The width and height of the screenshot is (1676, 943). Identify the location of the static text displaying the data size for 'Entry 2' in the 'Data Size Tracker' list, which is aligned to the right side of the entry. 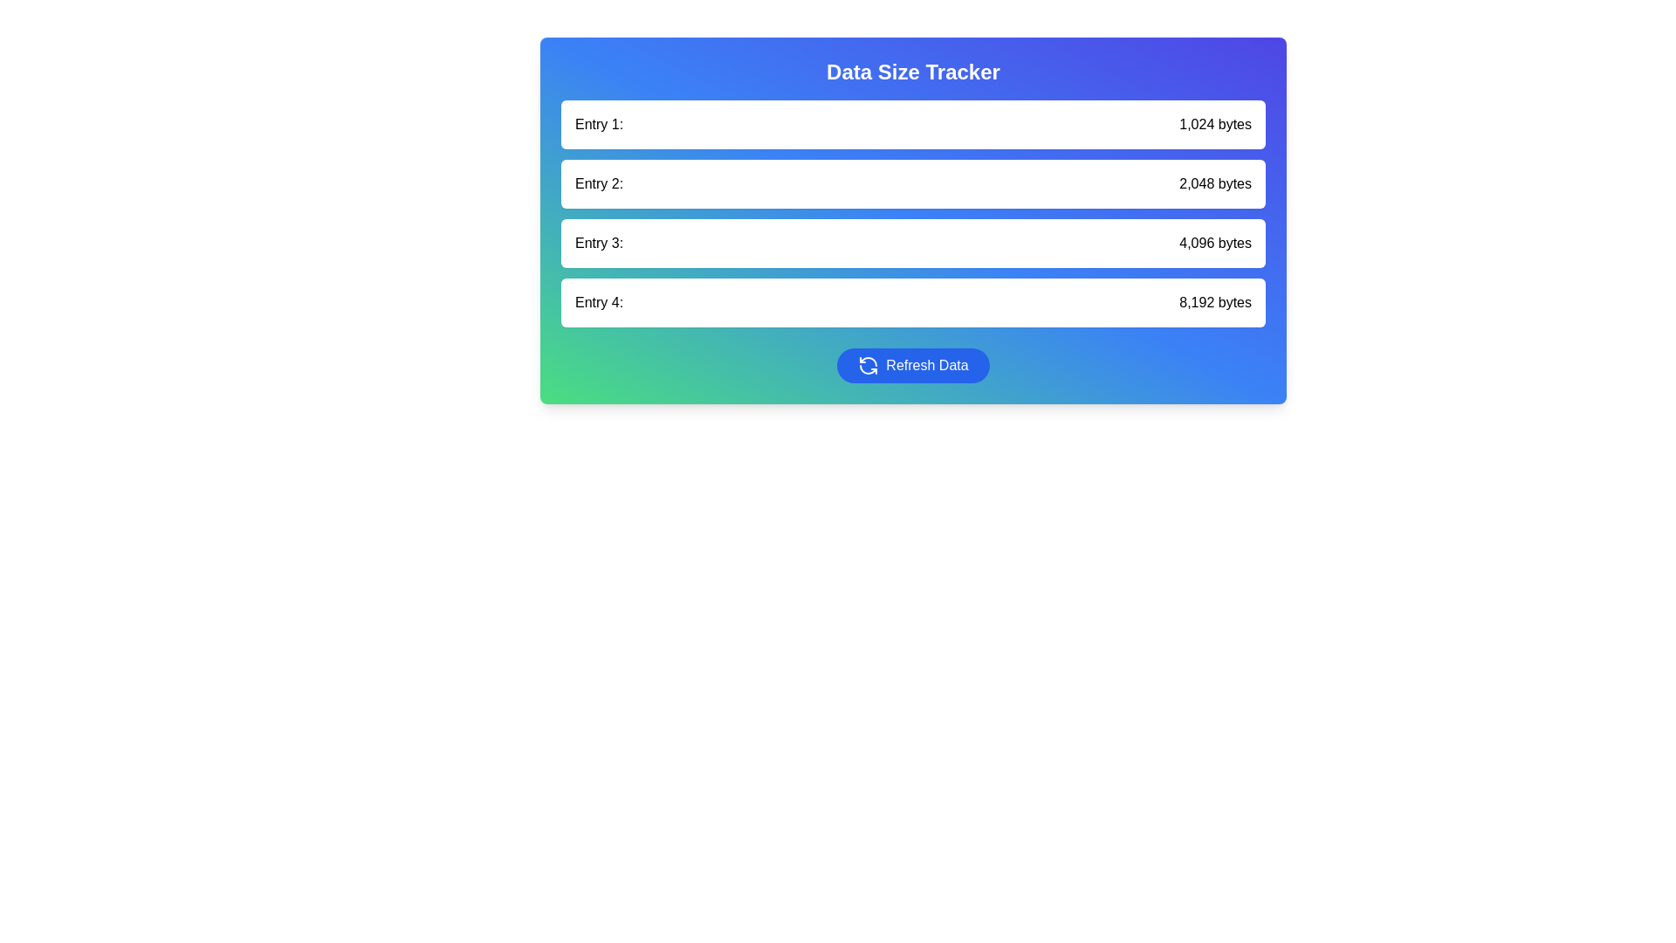
(1214, 184).